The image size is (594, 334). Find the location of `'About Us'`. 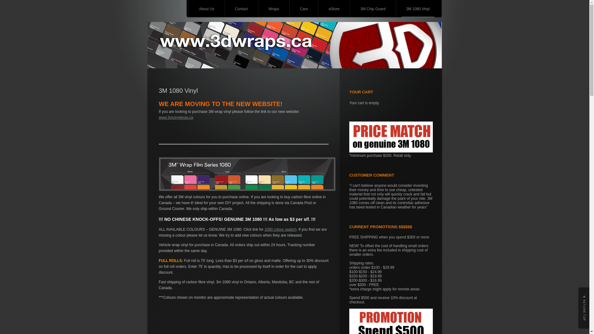

'About Us' is located at coordinates (194, 9).